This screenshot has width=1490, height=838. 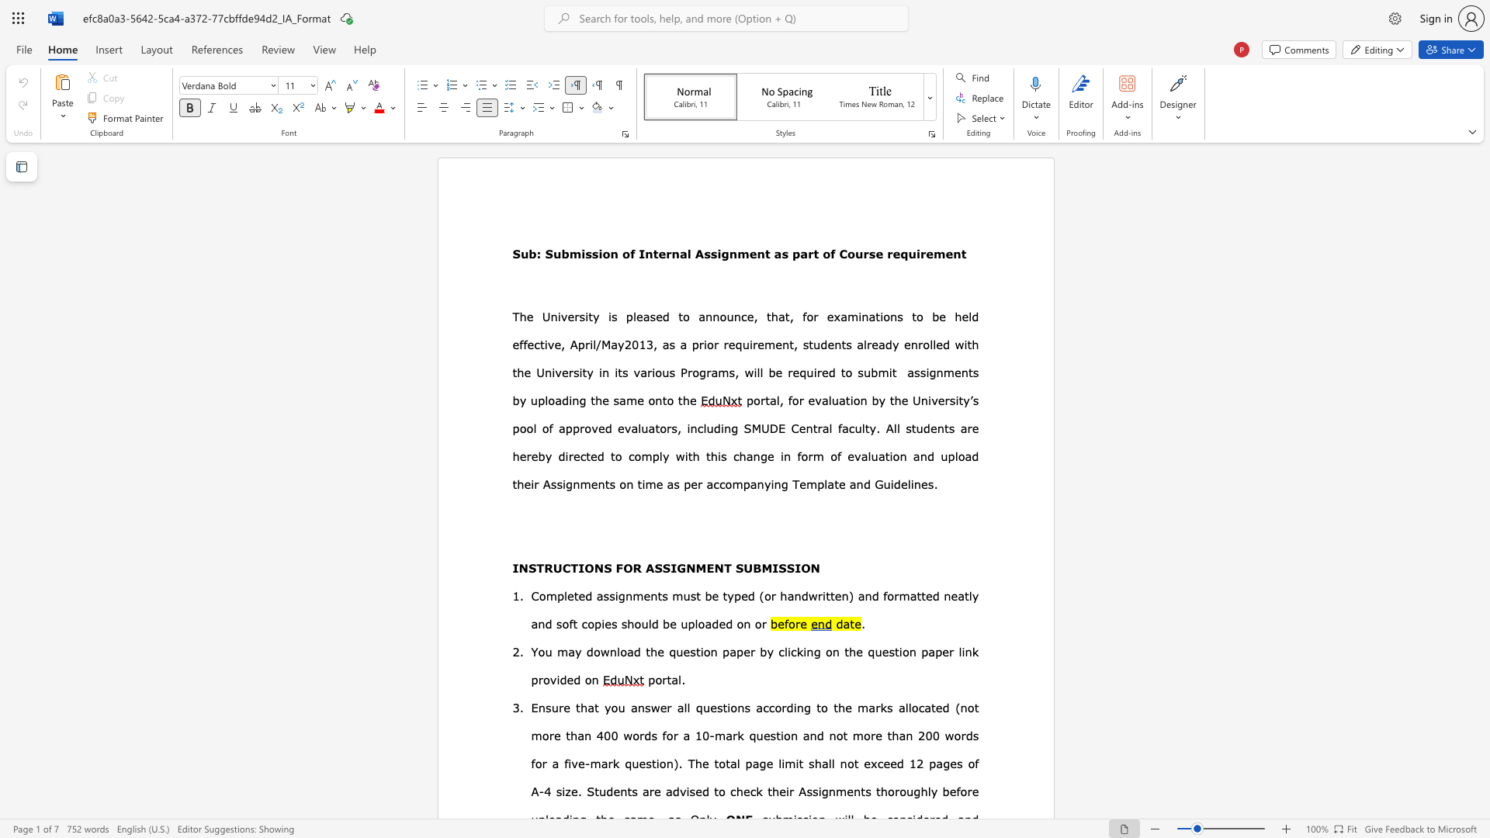 I want to click on the subset text "ign" within the text "submit  assignments", so click(x=926, y=372).